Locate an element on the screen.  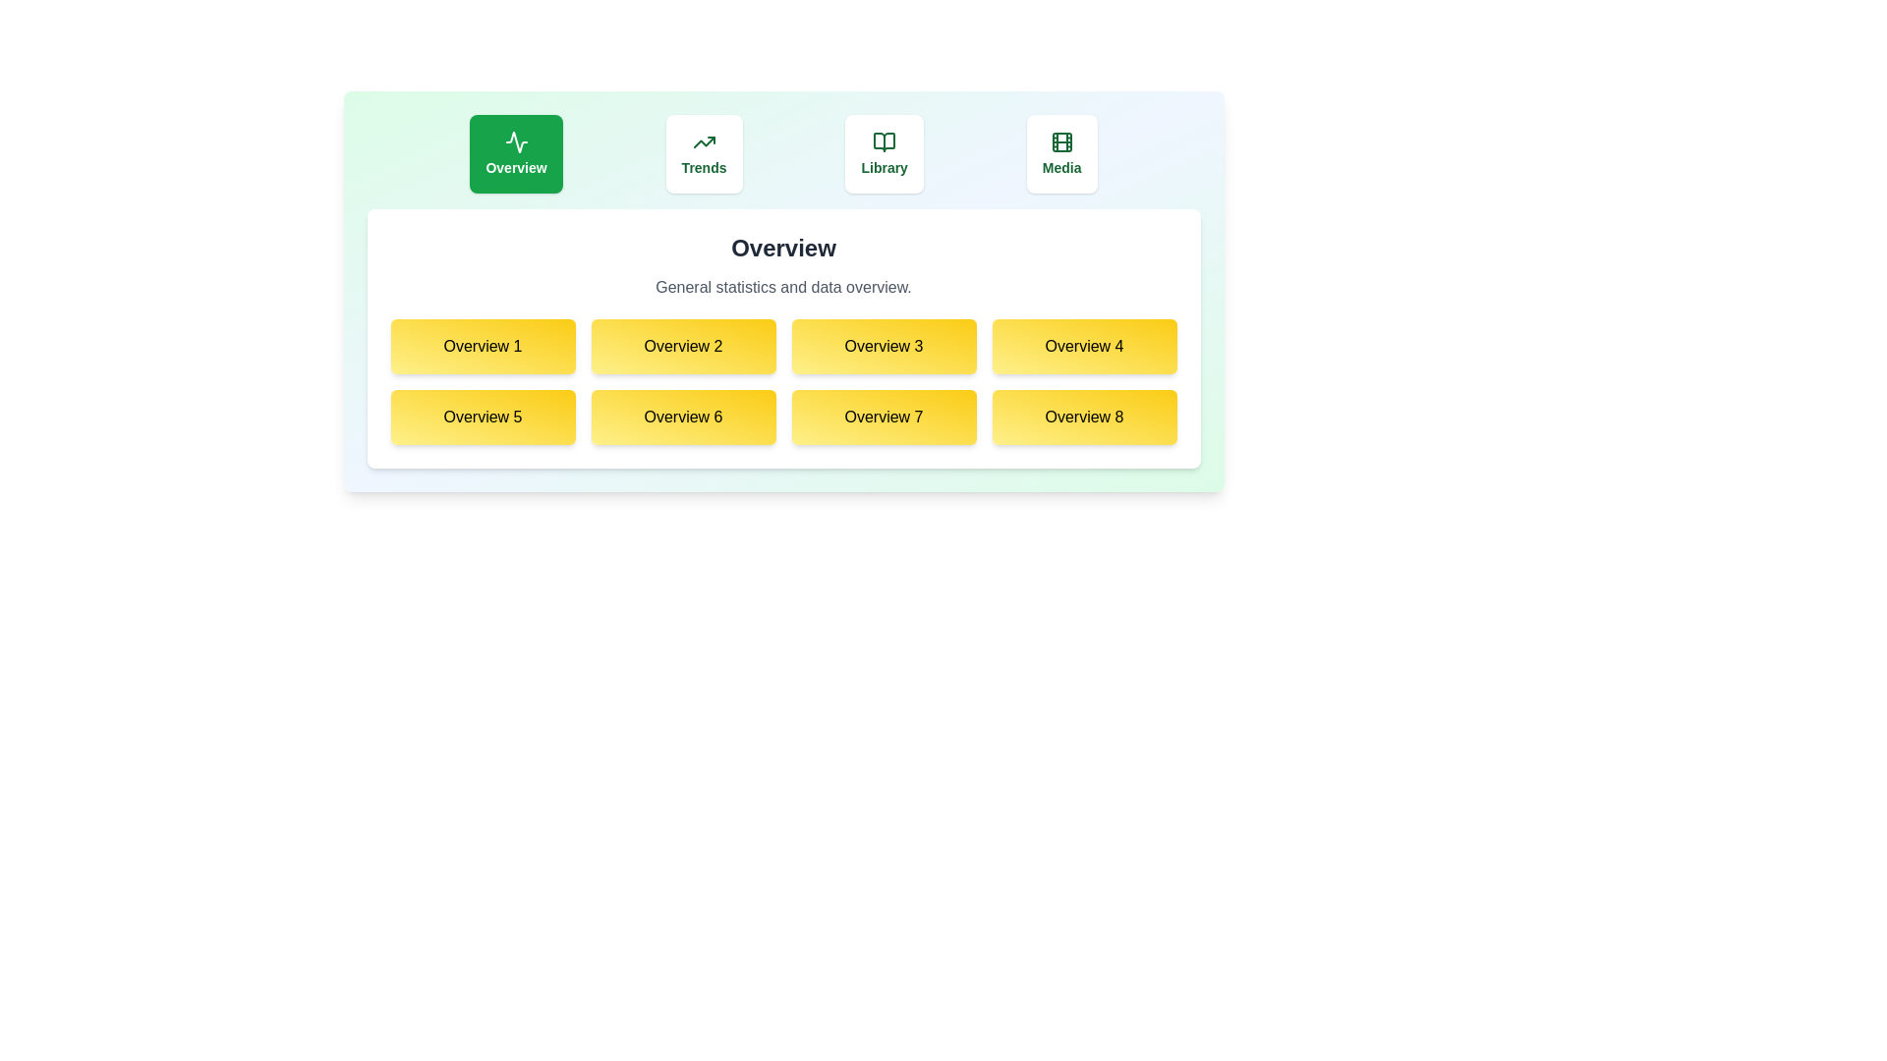
the tab labeled Media to observe its hover effect is located at coordinates (1060, 153).